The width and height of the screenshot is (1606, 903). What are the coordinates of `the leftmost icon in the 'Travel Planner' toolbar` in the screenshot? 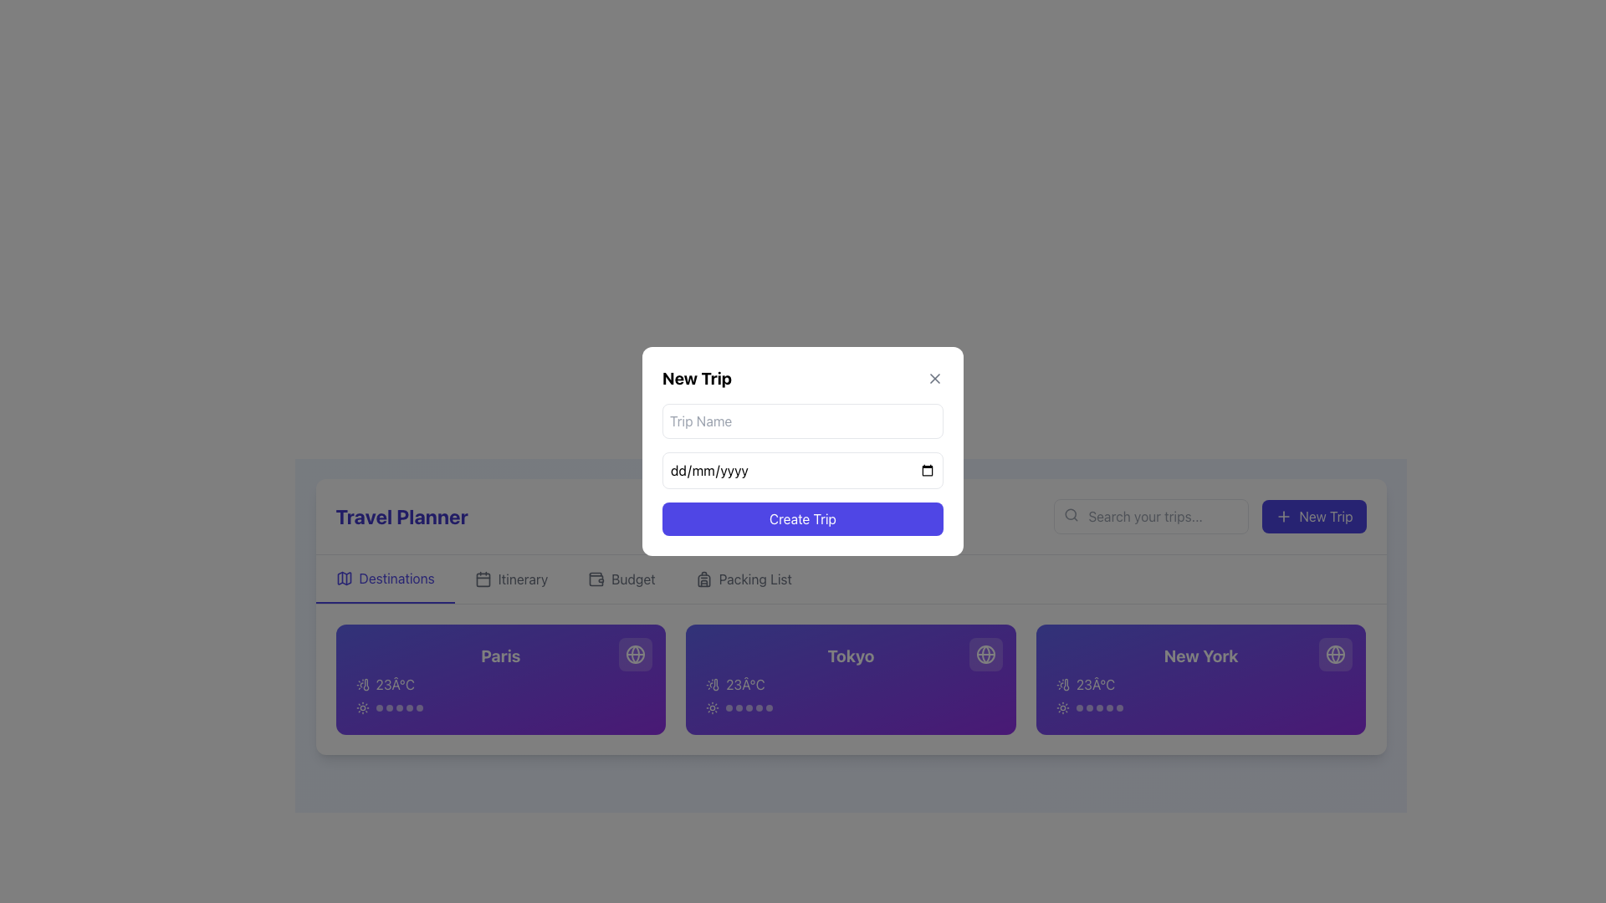 It's located at (343, 577).